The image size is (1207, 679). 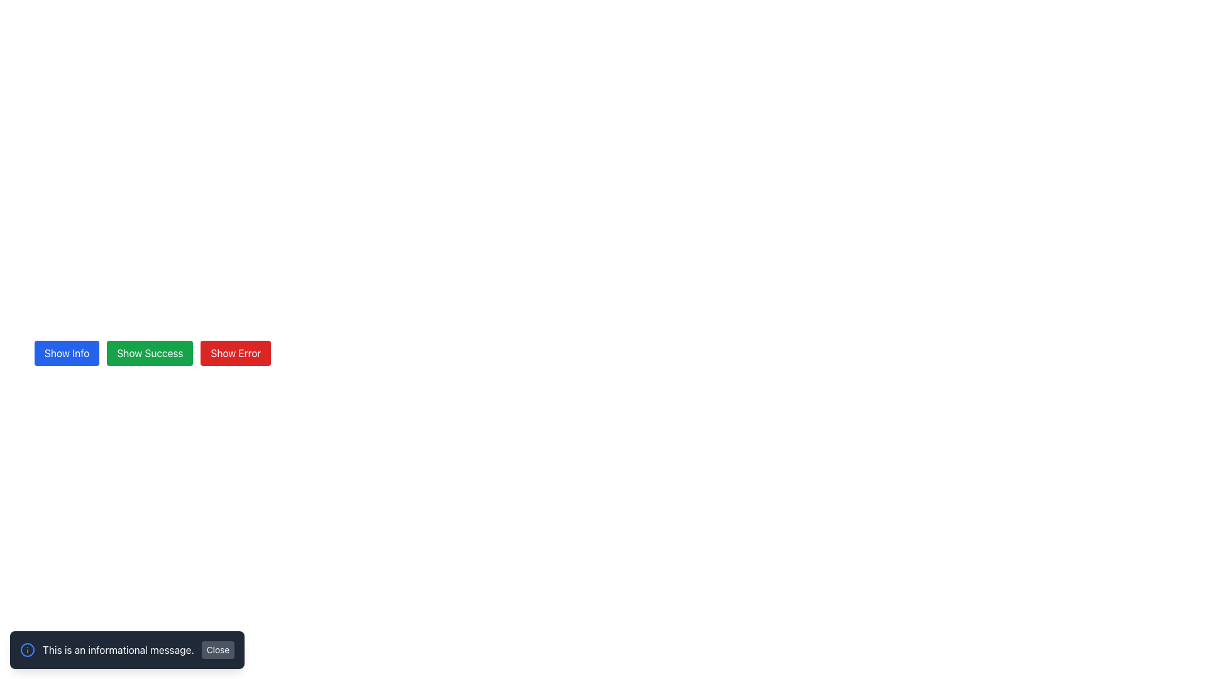 What do you see at coordinates (27, 649) in the screenshot?
I see `the informational icon located on the left side of the notification banner at the bottom-left of the interface, which visually represents that the associated message is informational` at bounding box center [27, 649].